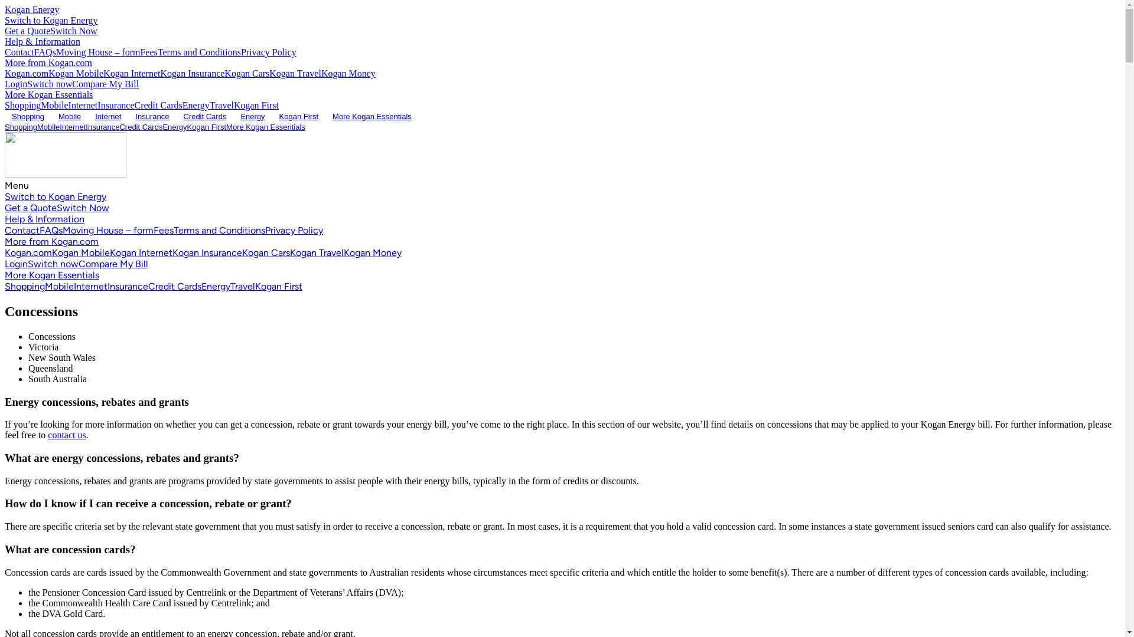  What do you see at coordinates (174, 286) in the screenshot?
I see `'Credit Cards'` at bounding box center [174, 286].